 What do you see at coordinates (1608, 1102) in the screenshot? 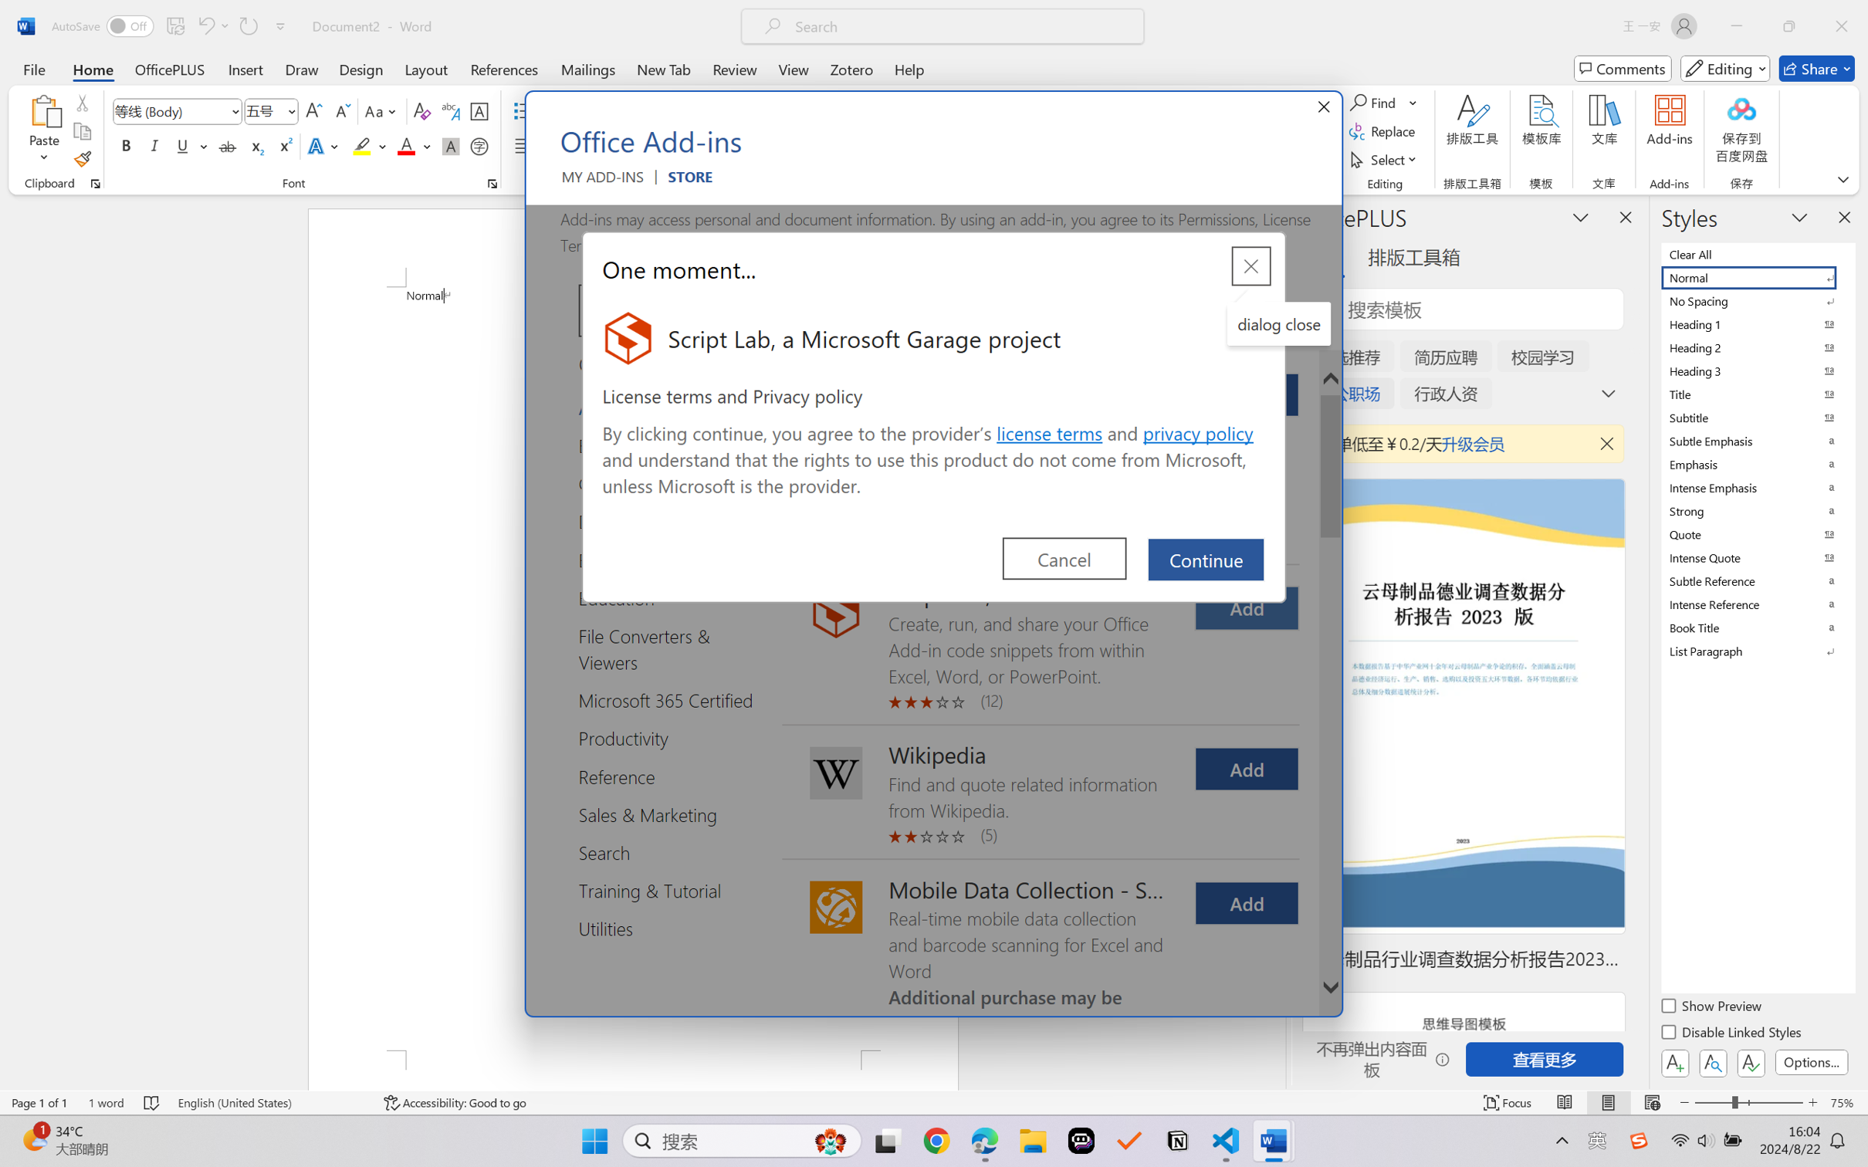
I see `'Print Layout'` at bounding box center [1608, 1102].